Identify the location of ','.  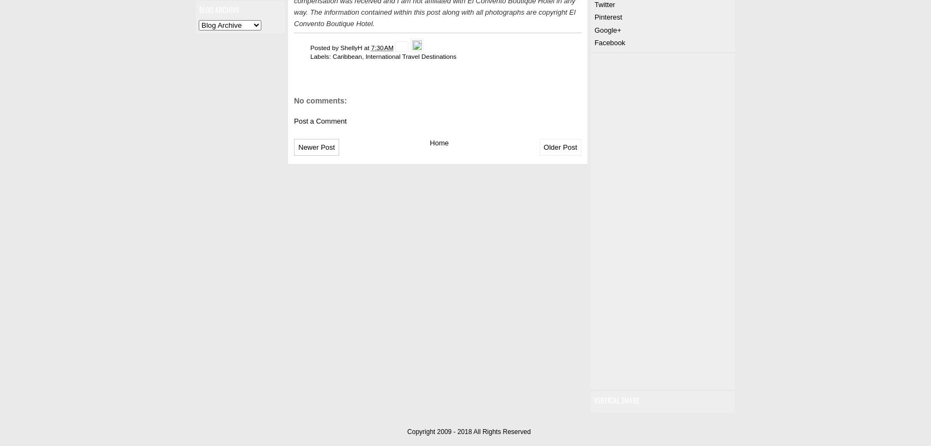
(361, 56).